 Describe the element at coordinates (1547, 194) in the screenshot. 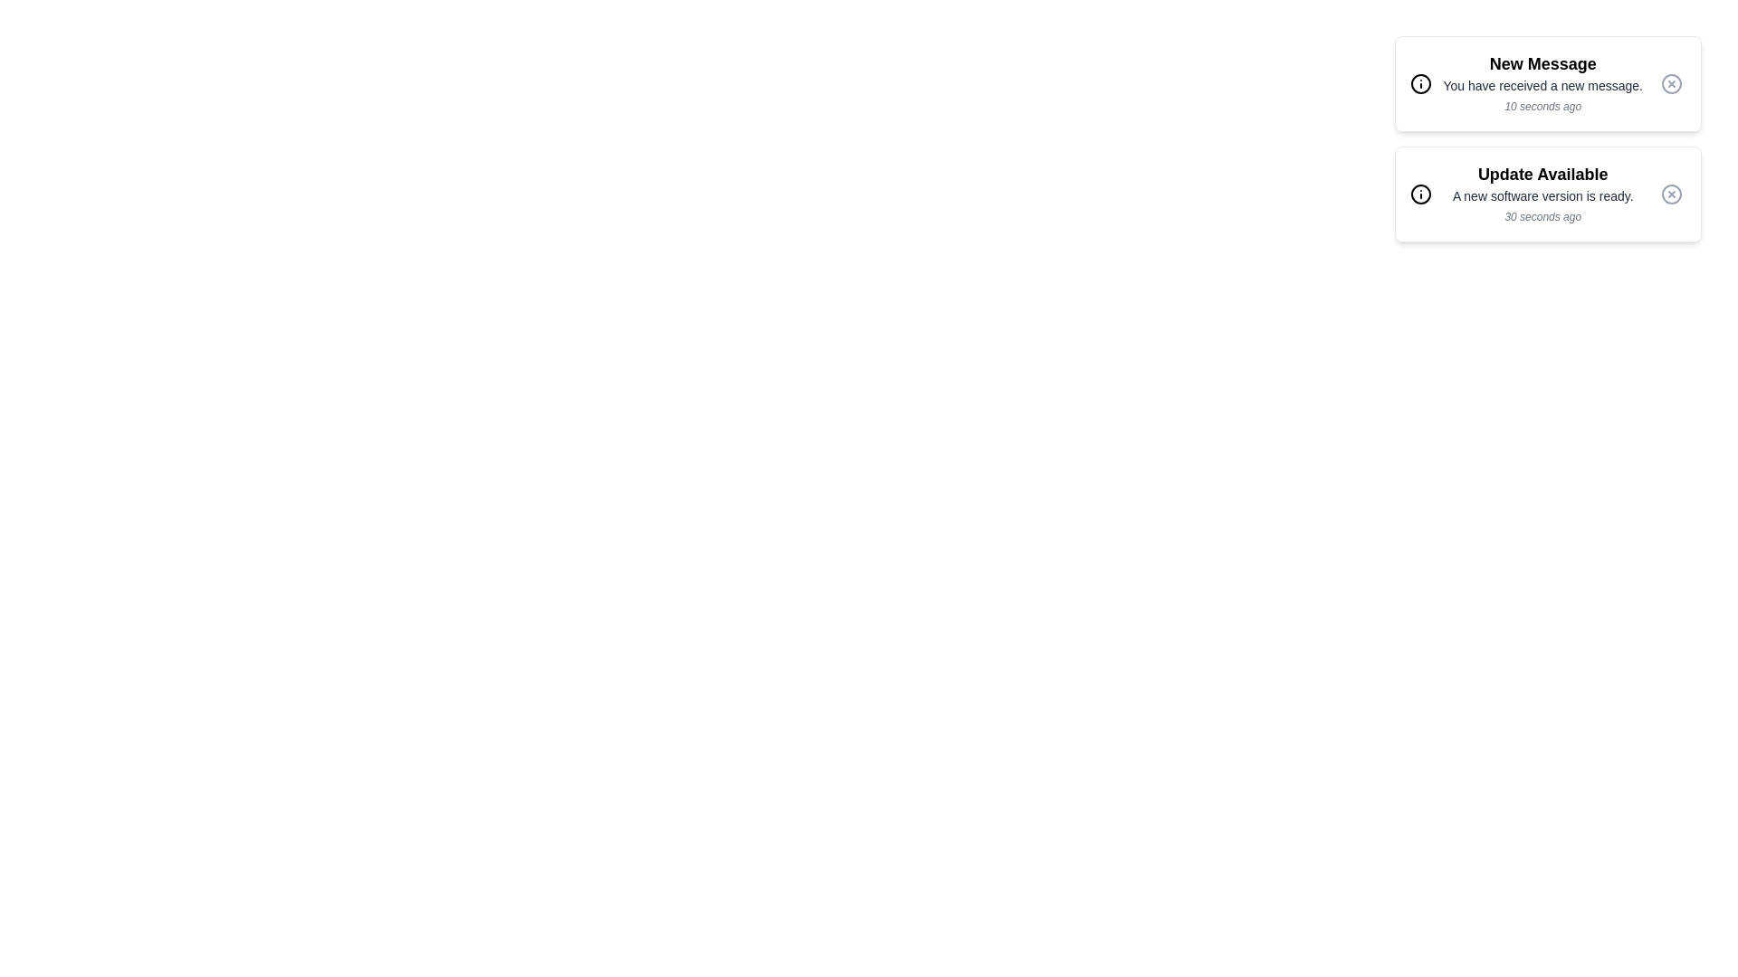

I see `the notification with title Update Available` at that location.